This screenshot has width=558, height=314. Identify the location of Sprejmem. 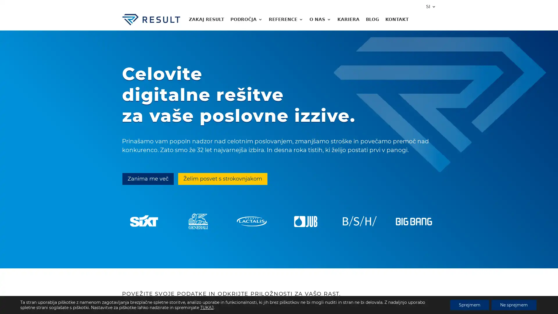
(470, 305).